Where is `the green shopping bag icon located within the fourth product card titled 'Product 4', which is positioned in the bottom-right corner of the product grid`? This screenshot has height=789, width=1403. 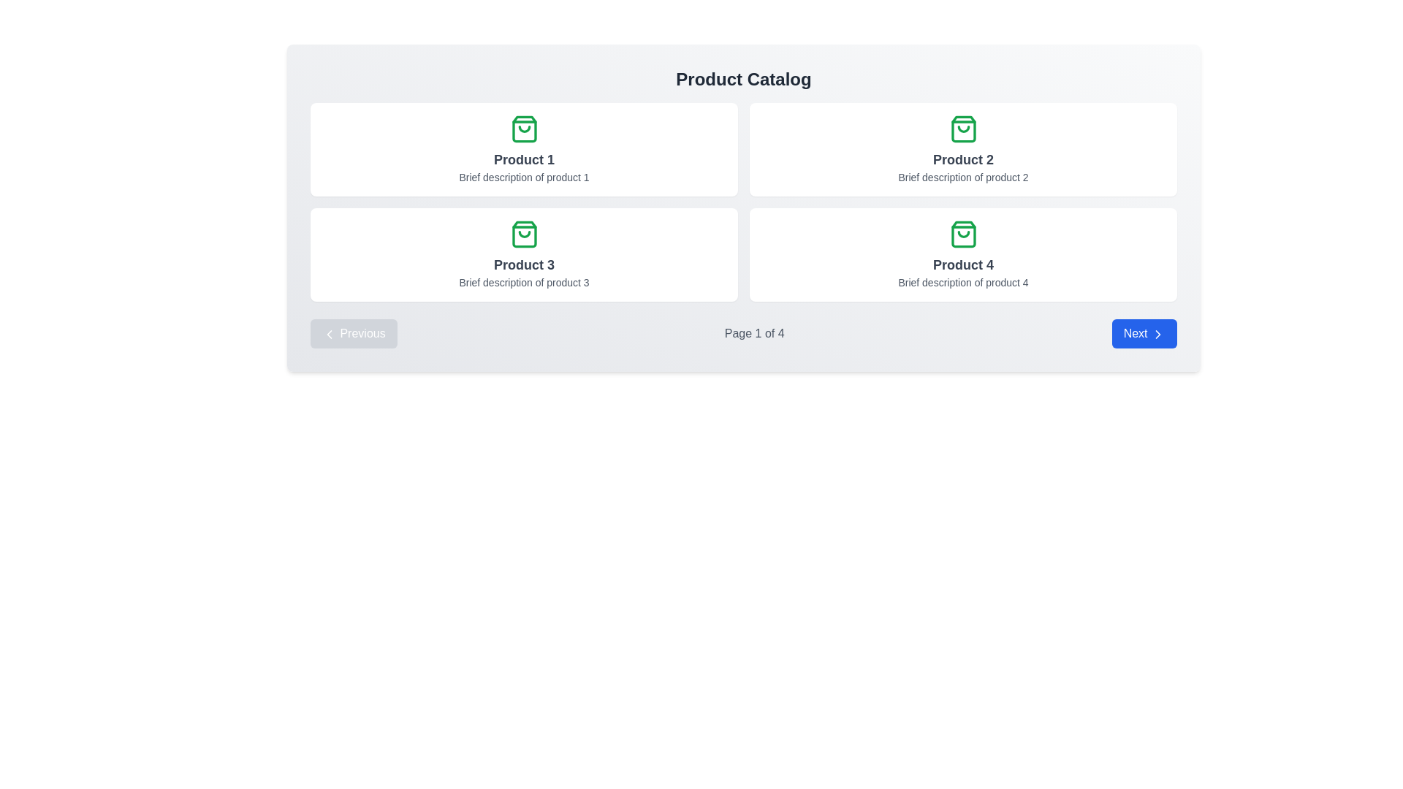
the green shopping bag icon located within the fourth product card titled 'Product 4', which is positioned in the bottom-right corner of the product grid is located at coordinates (963, 233).